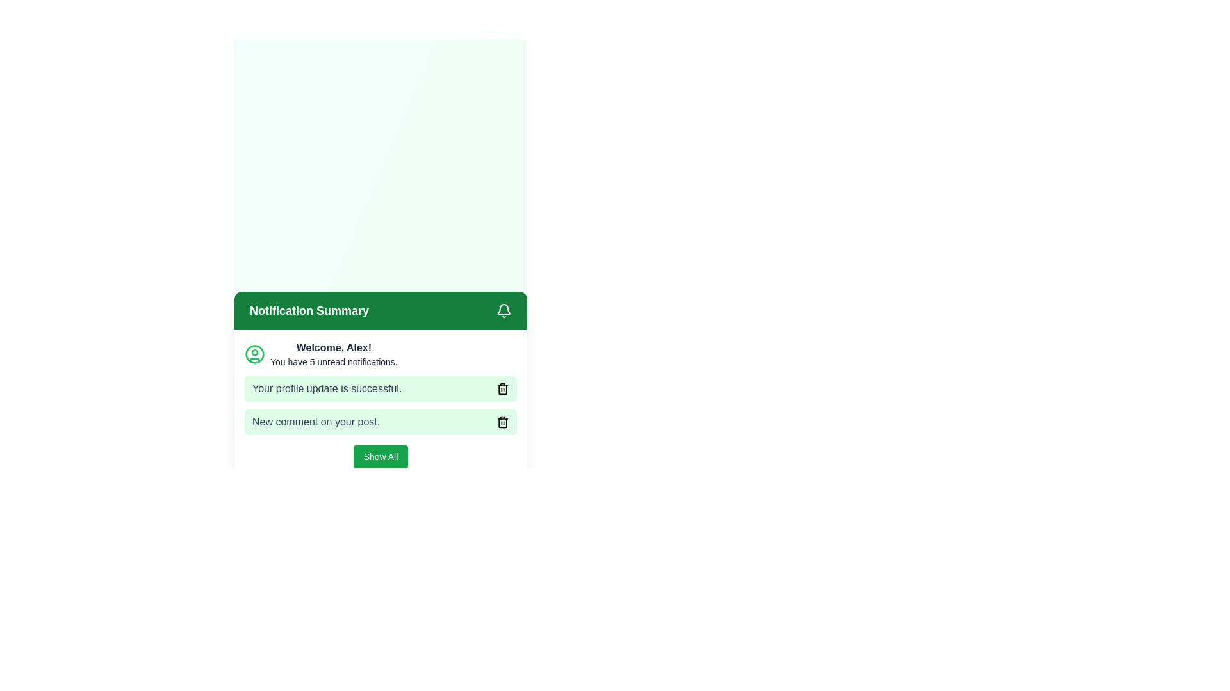  Describe the element at coordinates (504, 311) in the screenshot. I see `the bell icon button located on the right-hand side of the 'Notification Summary' green bar` at that location.